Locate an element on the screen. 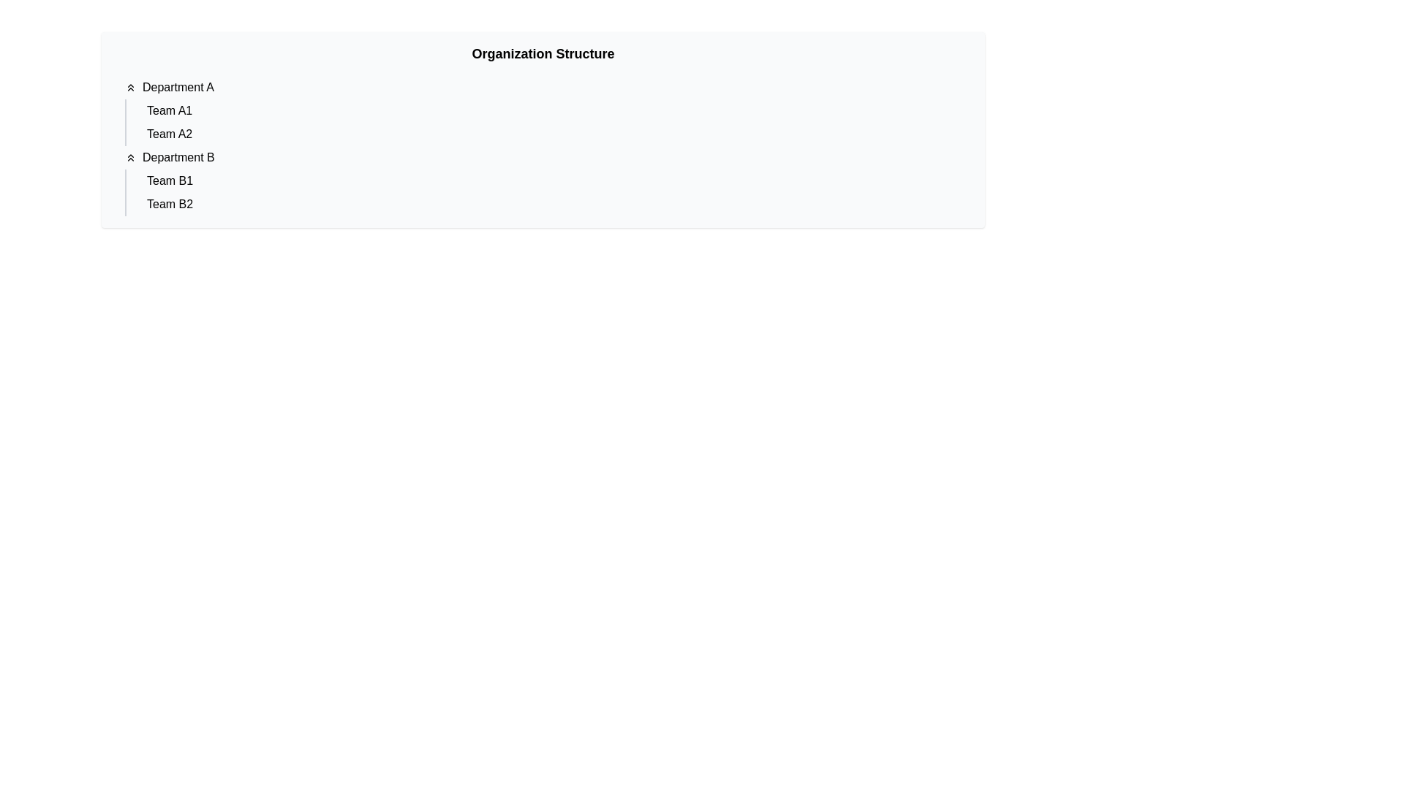  the small icon button with a double-chevron pointing upwards, located to the left of the text 'Department A' is located at coordinates (130, 87).